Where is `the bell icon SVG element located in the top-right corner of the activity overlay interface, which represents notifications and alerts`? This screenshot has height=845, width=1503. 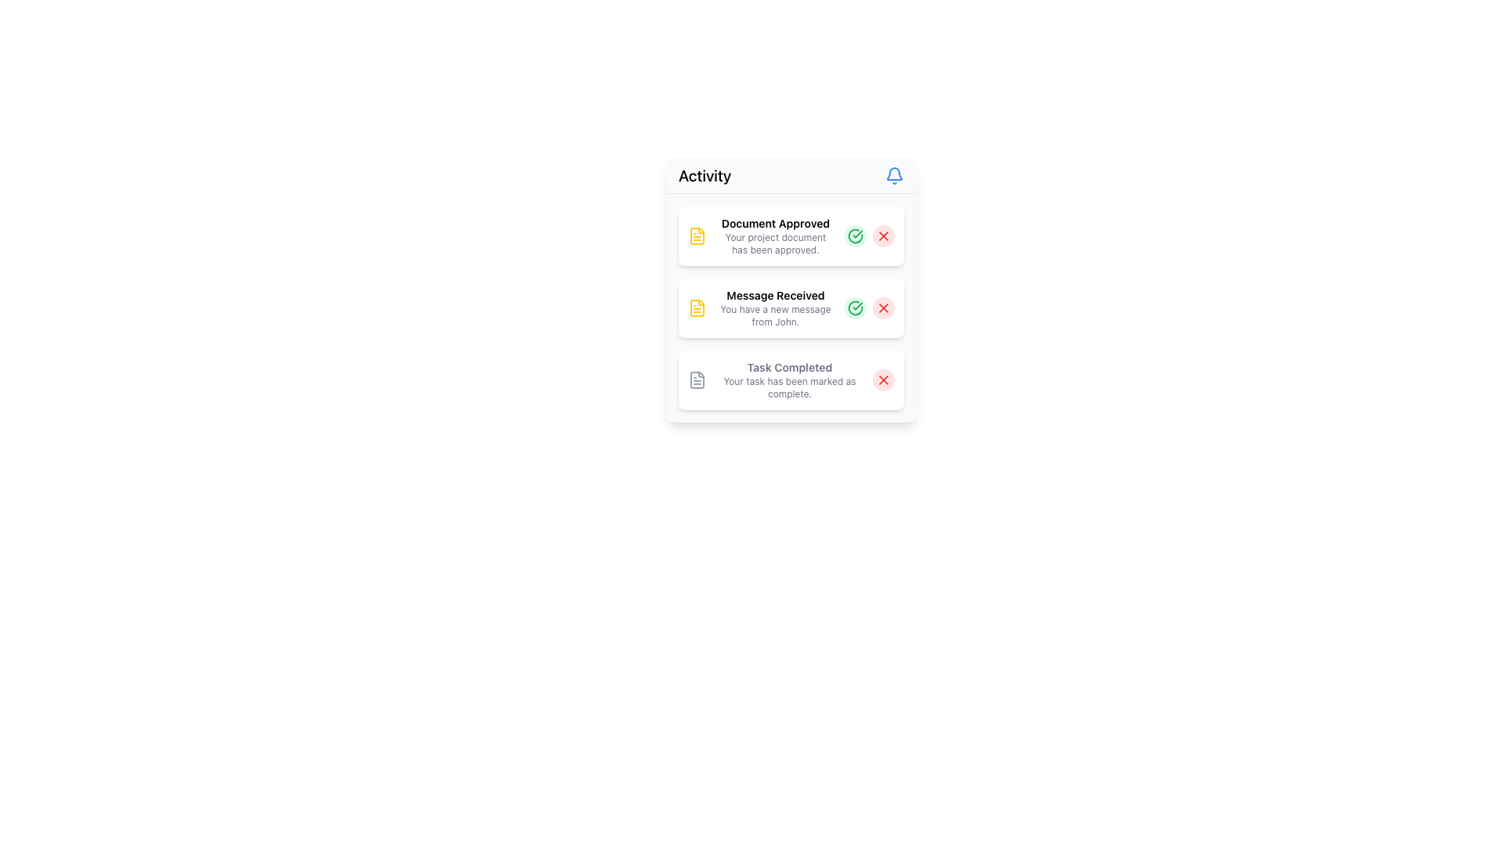
the bell icon SVG element located in the top-right corner of the activity overlay interface, which represents notifications and alerts is located at coordinates (894, 174).